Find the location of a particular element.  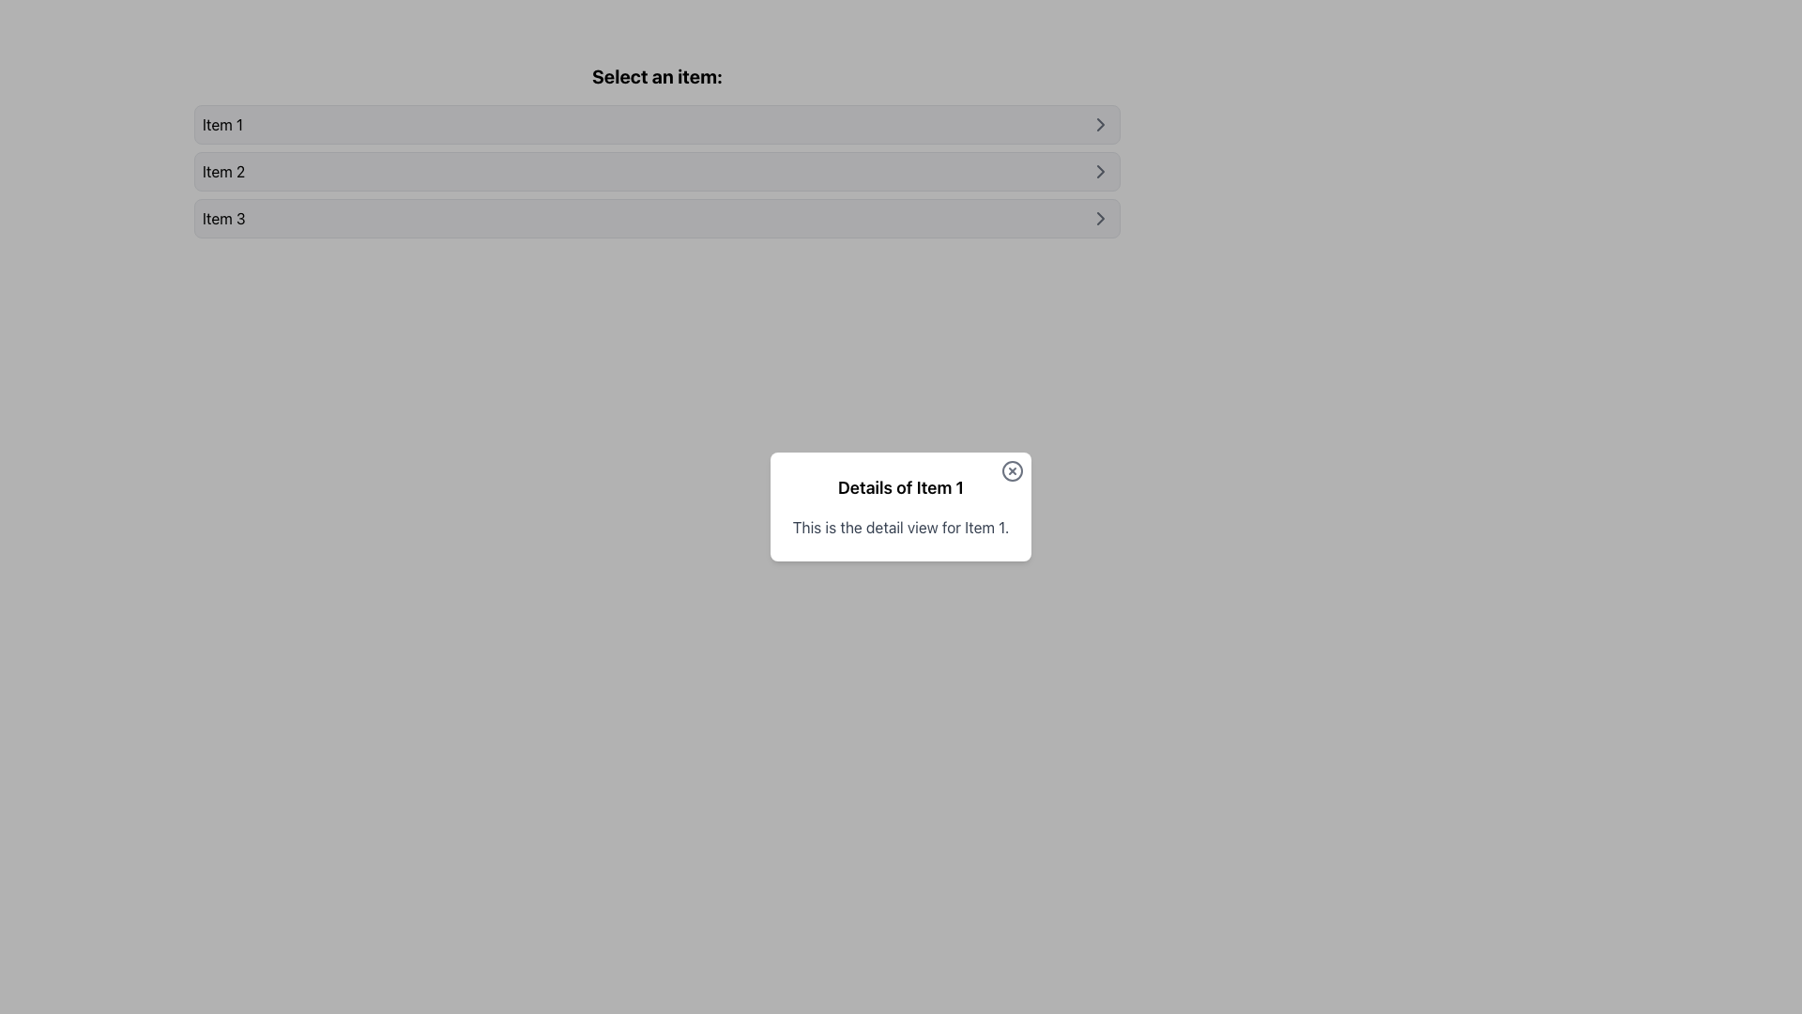

the selectable item button for 'Item 2' located in the second position of a vertically arranged list is located at coordinates (657, 171).